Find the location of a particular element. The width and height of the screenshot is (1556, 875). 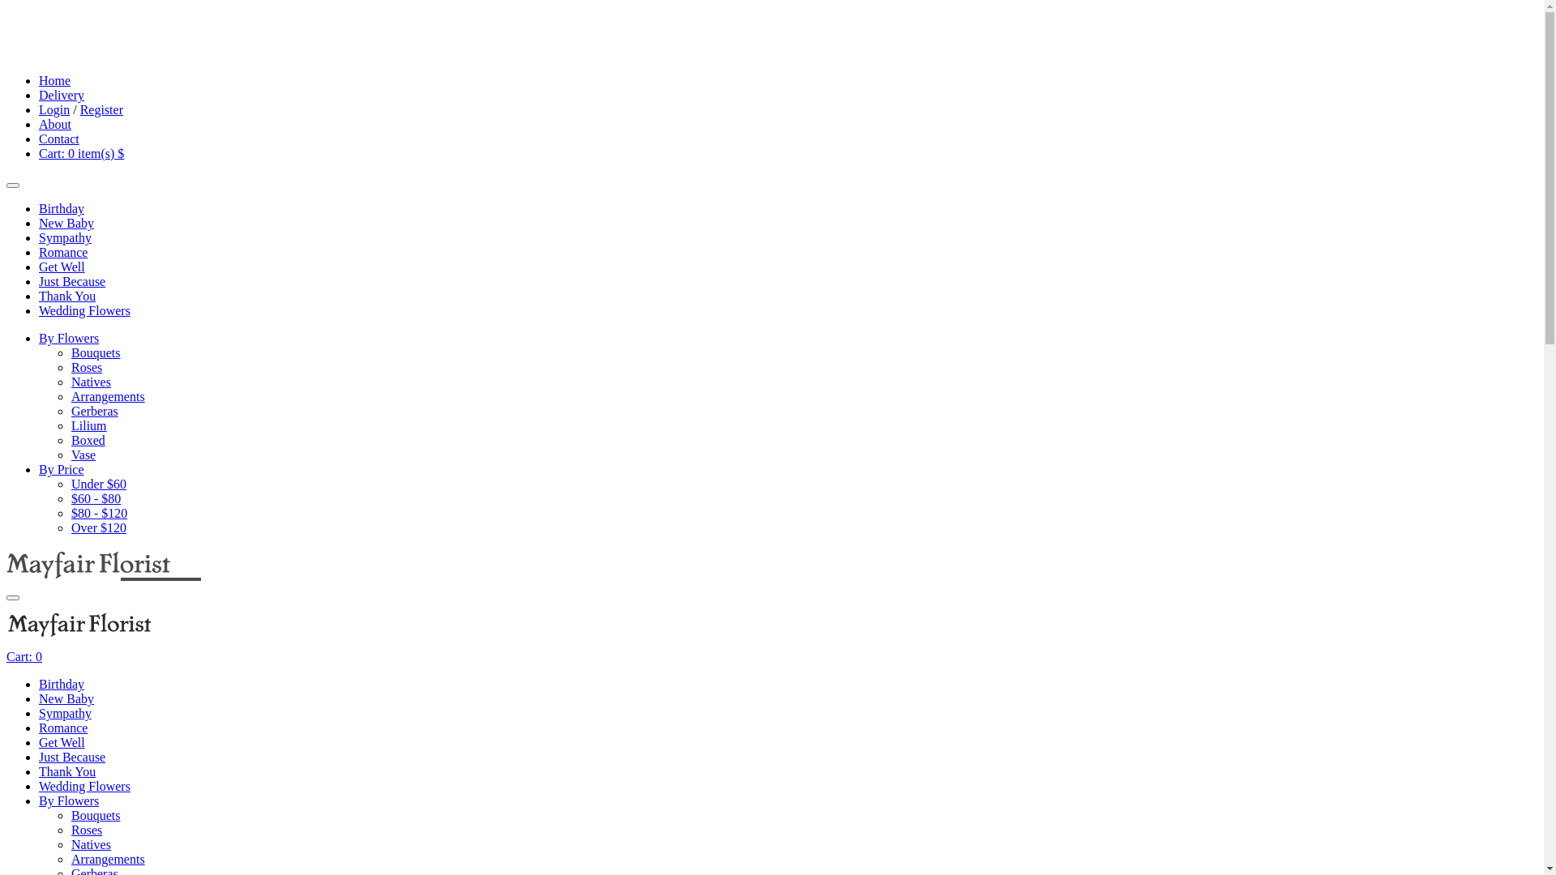

'Cart: 0 item(s) $' is located at coordinates (39, 153).